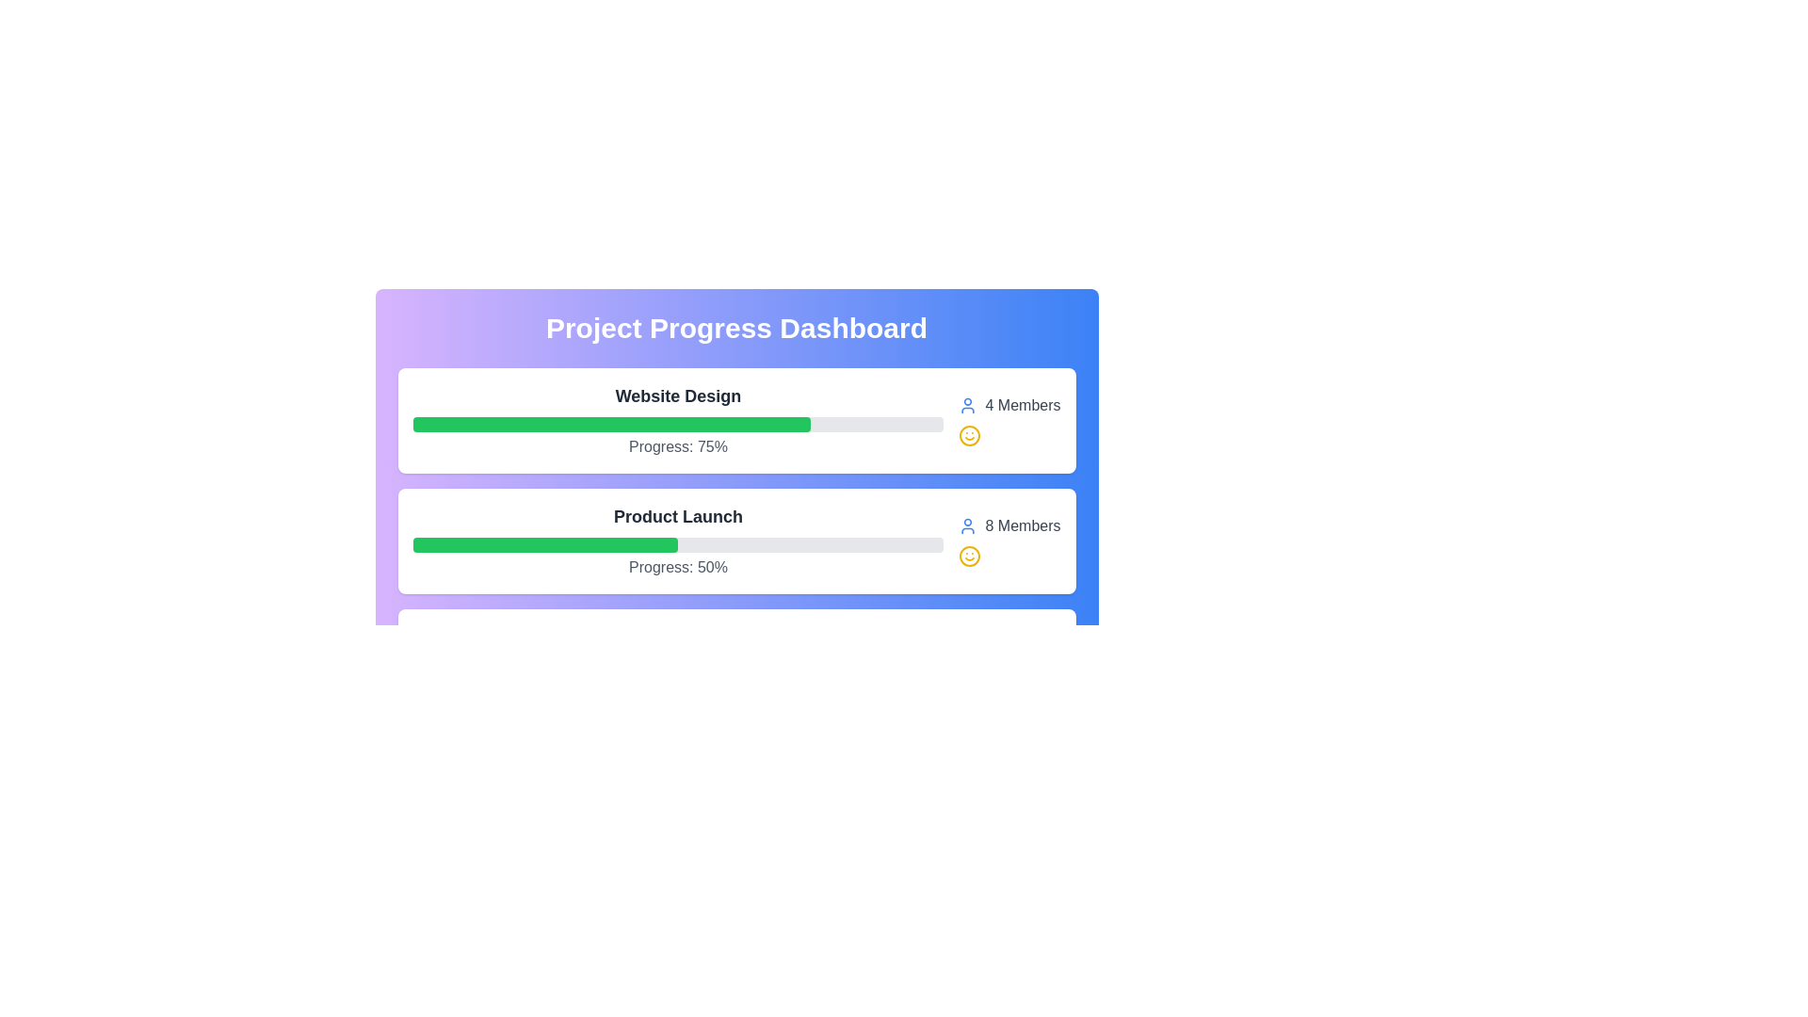 The height and width of the screenshot is (1017, 1808). What do you see at coordinates (678, 566) in the screenshot?
I see `the text label indicating the percentage of completion for the task within the 'Product Launch' card` at bounding box center [678, 566].